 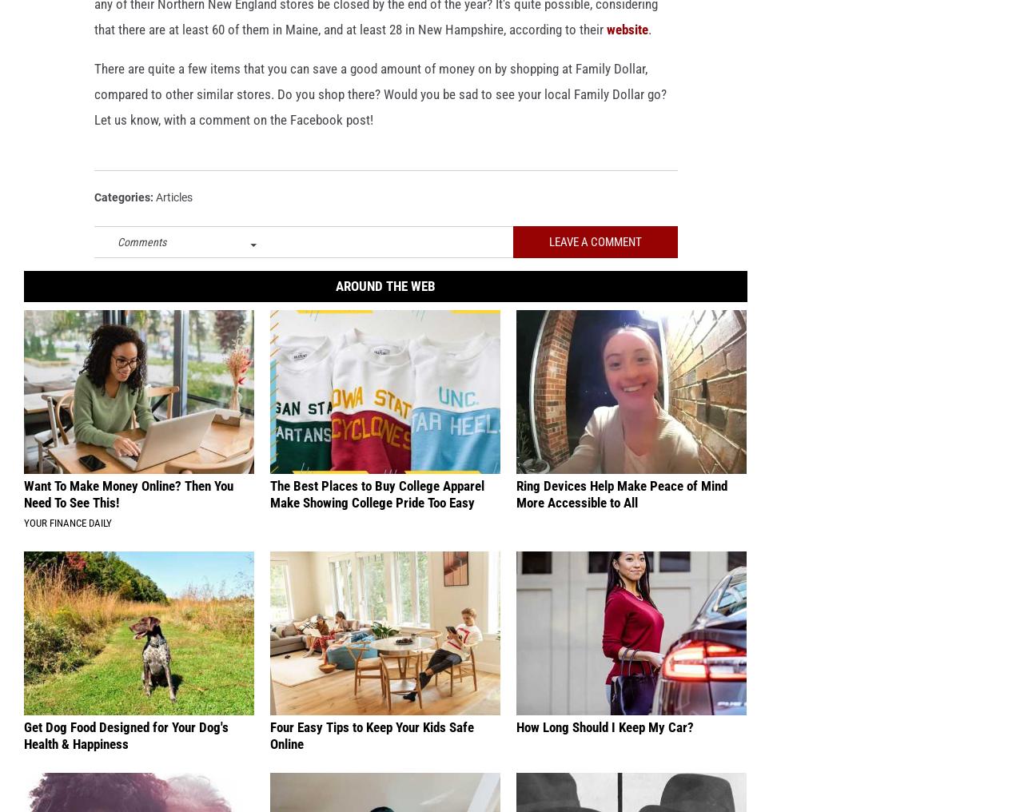 I want to click on 'Articles', so click(x=173, y=221).